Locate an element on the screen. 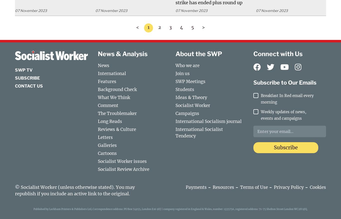  'Cookies' is located at coordinates (318, 187).